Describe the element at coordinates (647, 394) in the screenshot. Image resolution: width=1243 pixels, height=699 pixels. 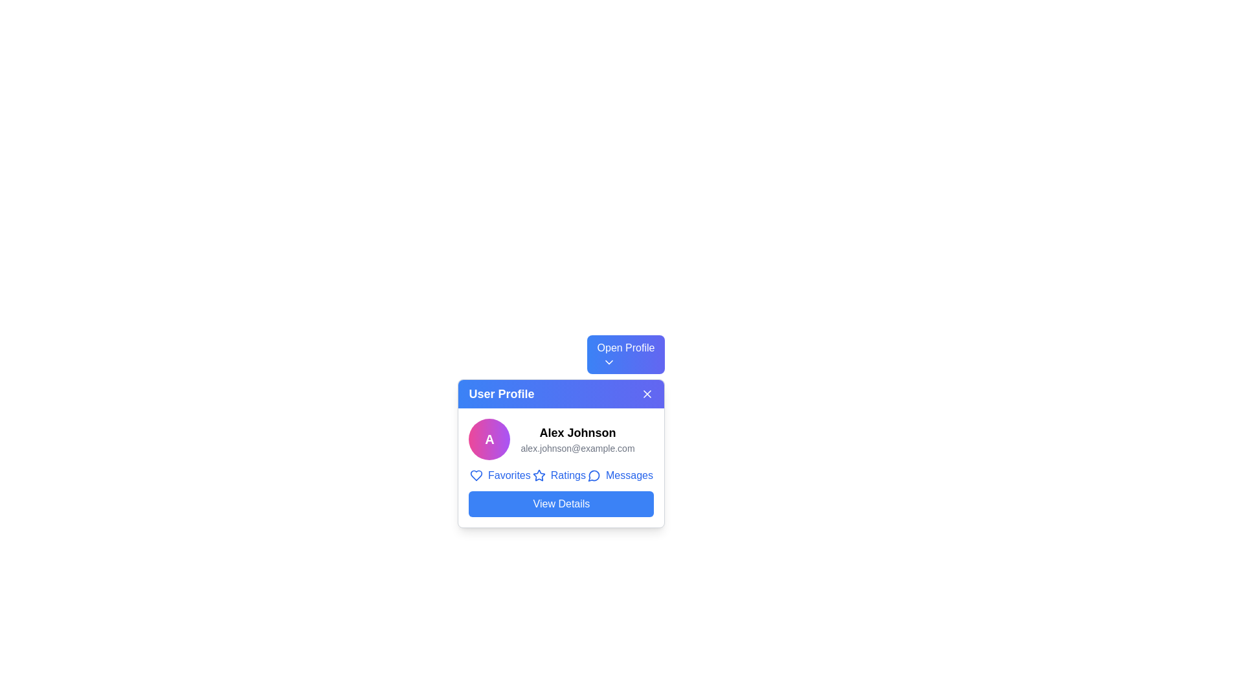
I see `the close button, represented by a cross-shaped icon with white lines on a vibrant blue background, located in the top-right corner of the 'User Profile' header` at that location.